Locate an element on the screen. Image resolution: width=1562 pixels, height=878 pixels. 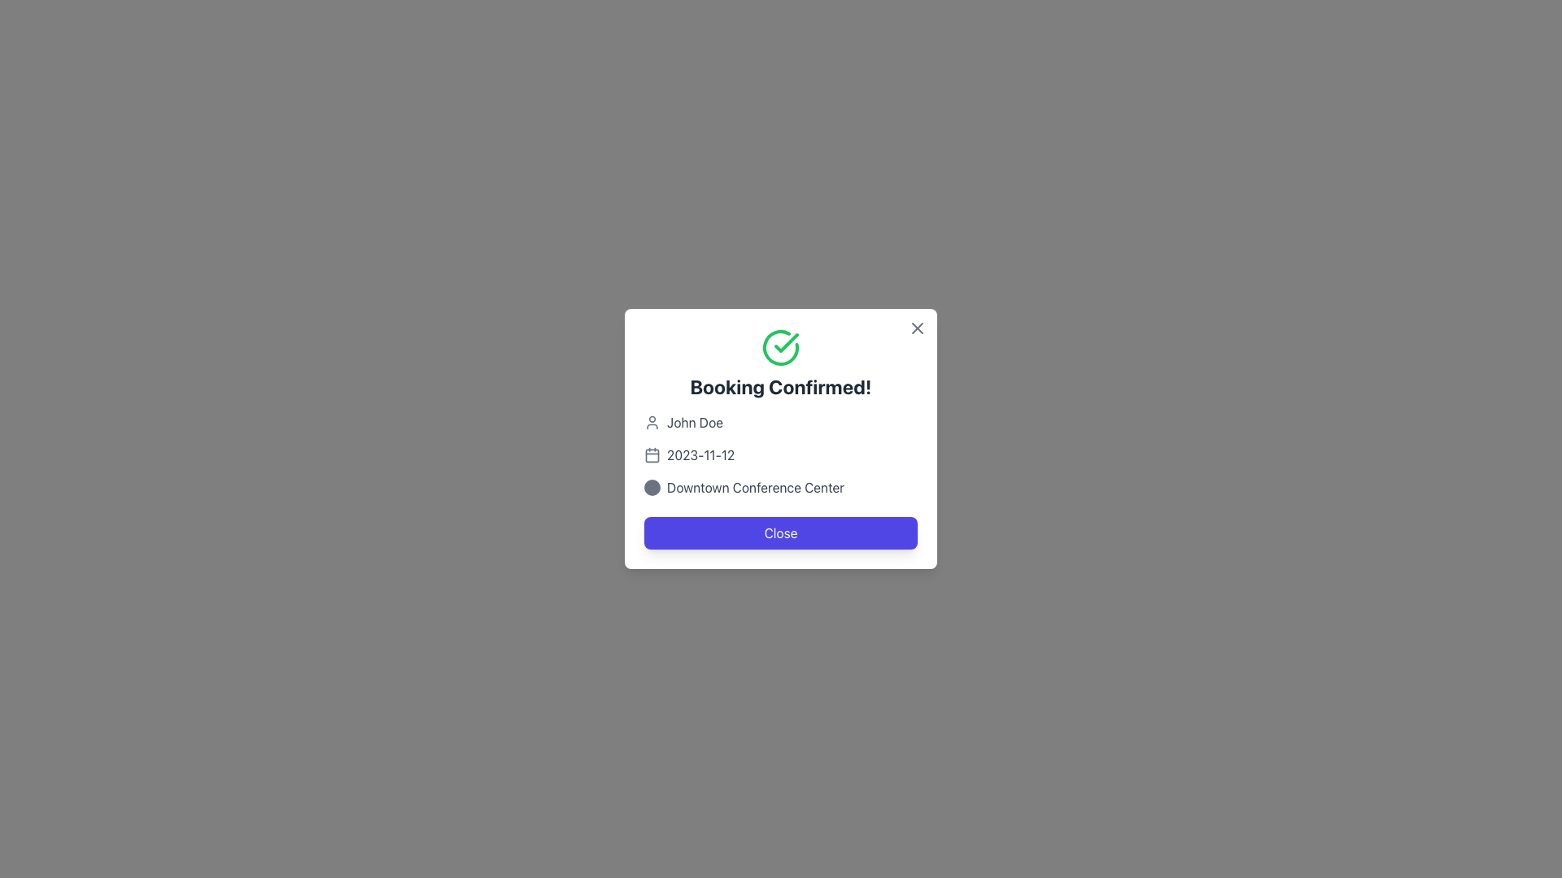
the icon that serves as a visual aid associated with the text 'Downtown Conference Center', located to the immediate left of the text within a rectangular modal window is located at coordinates (652, 487).